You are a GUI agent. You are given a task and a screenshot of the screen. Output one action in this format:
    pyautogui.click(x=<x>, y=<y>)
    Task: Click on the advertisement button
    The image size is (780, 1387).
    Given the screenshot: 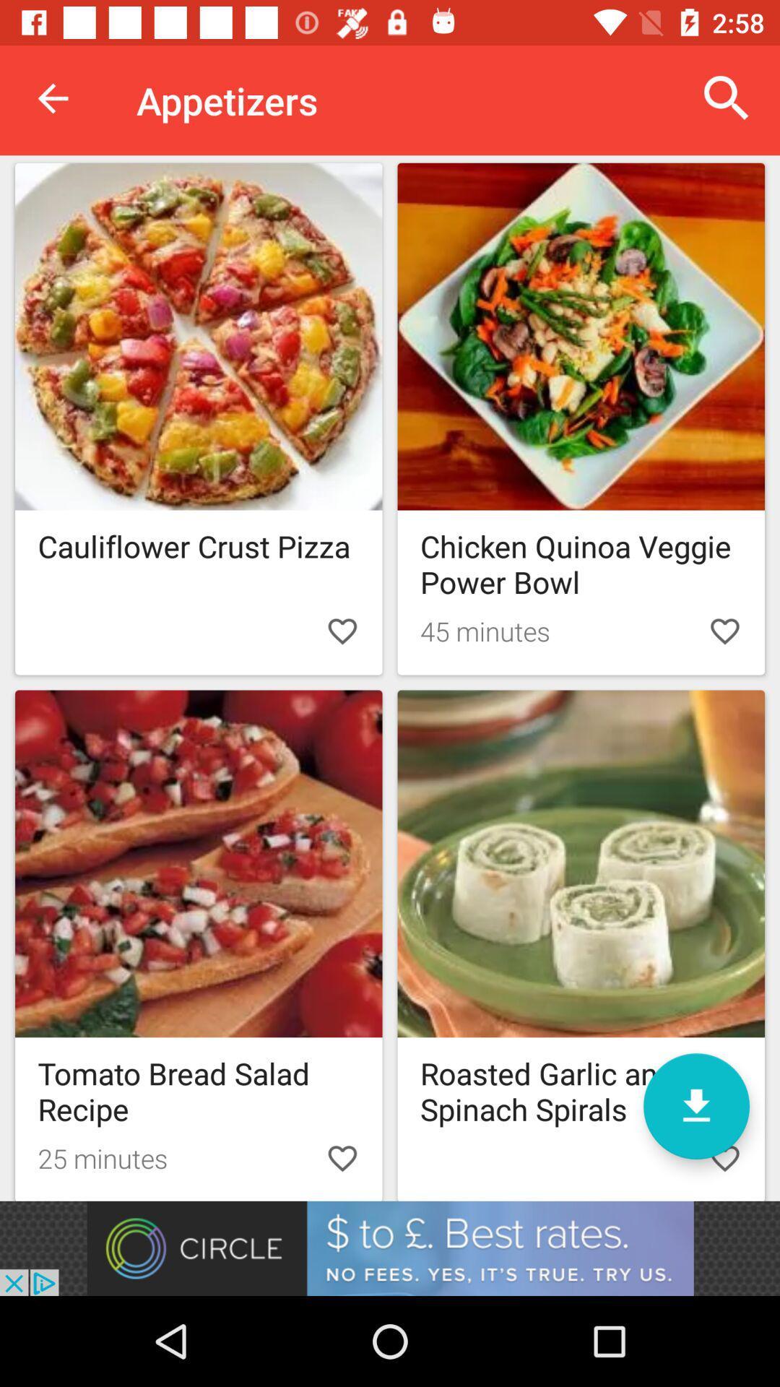 What is the action you would take?
    pyautogui.click(x=390, y=1248)
    